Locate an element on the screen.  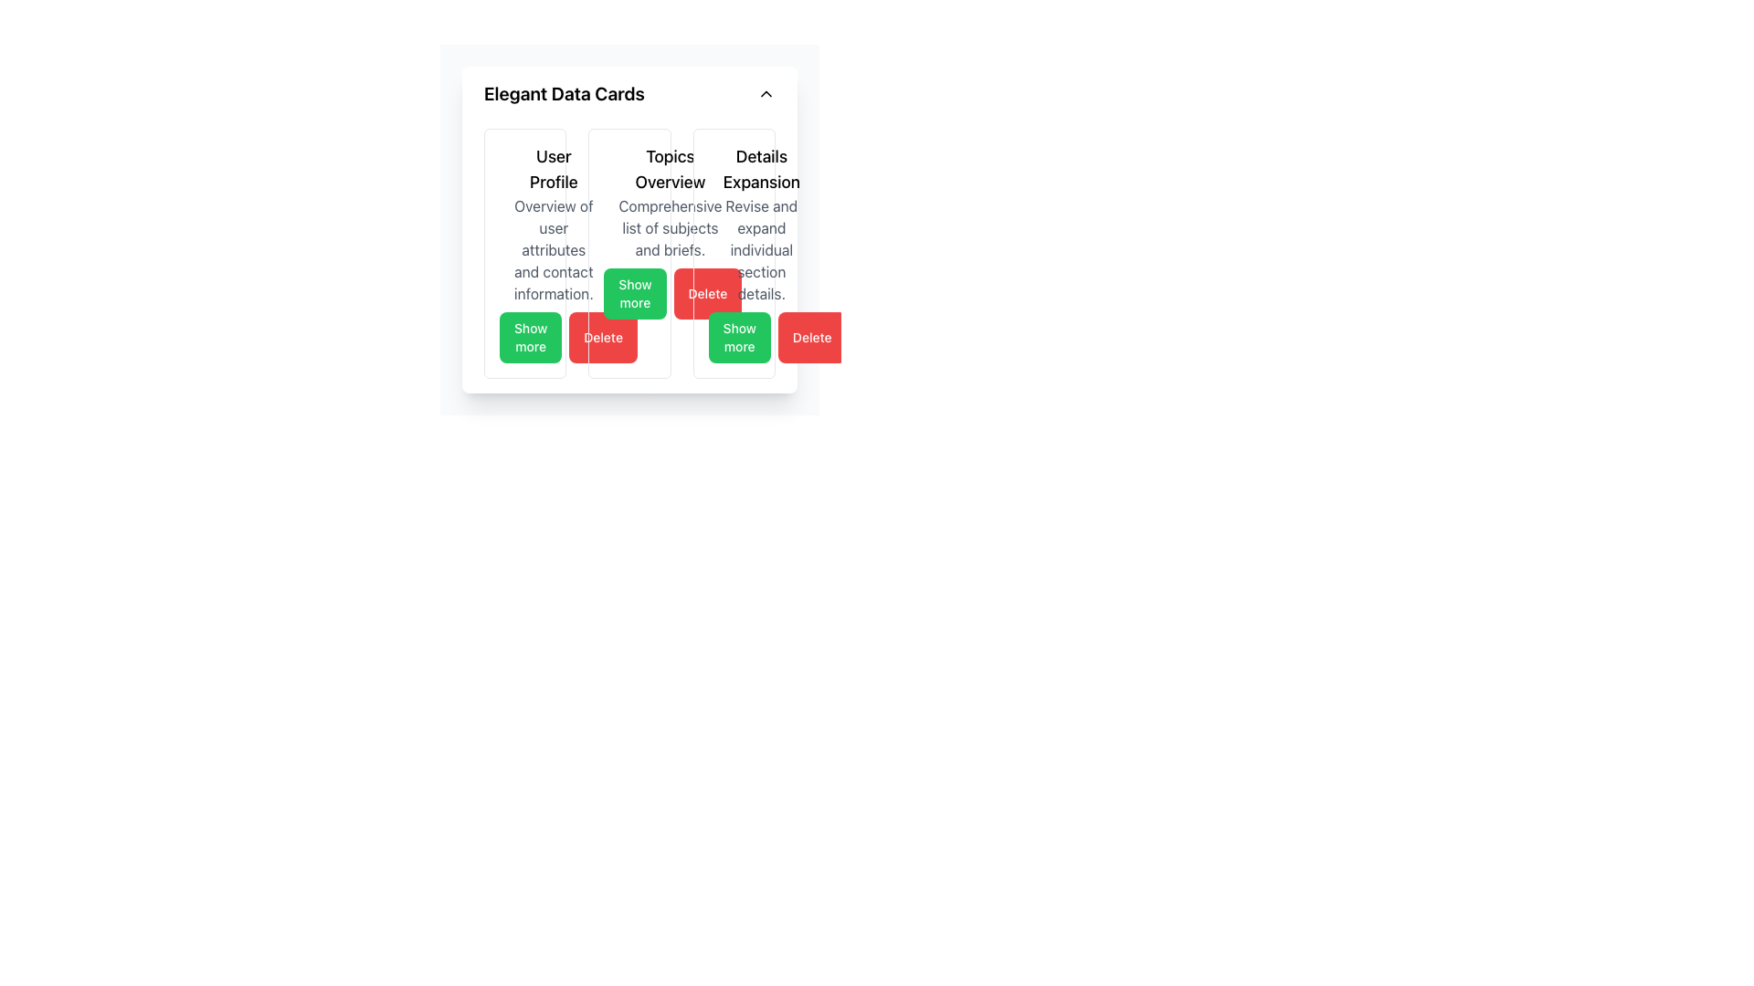
the delete button located at the bottom-right of the 'Topics Overview' card, which is the second button in a horizontal group of buttons is located at coordinates (603, 338).